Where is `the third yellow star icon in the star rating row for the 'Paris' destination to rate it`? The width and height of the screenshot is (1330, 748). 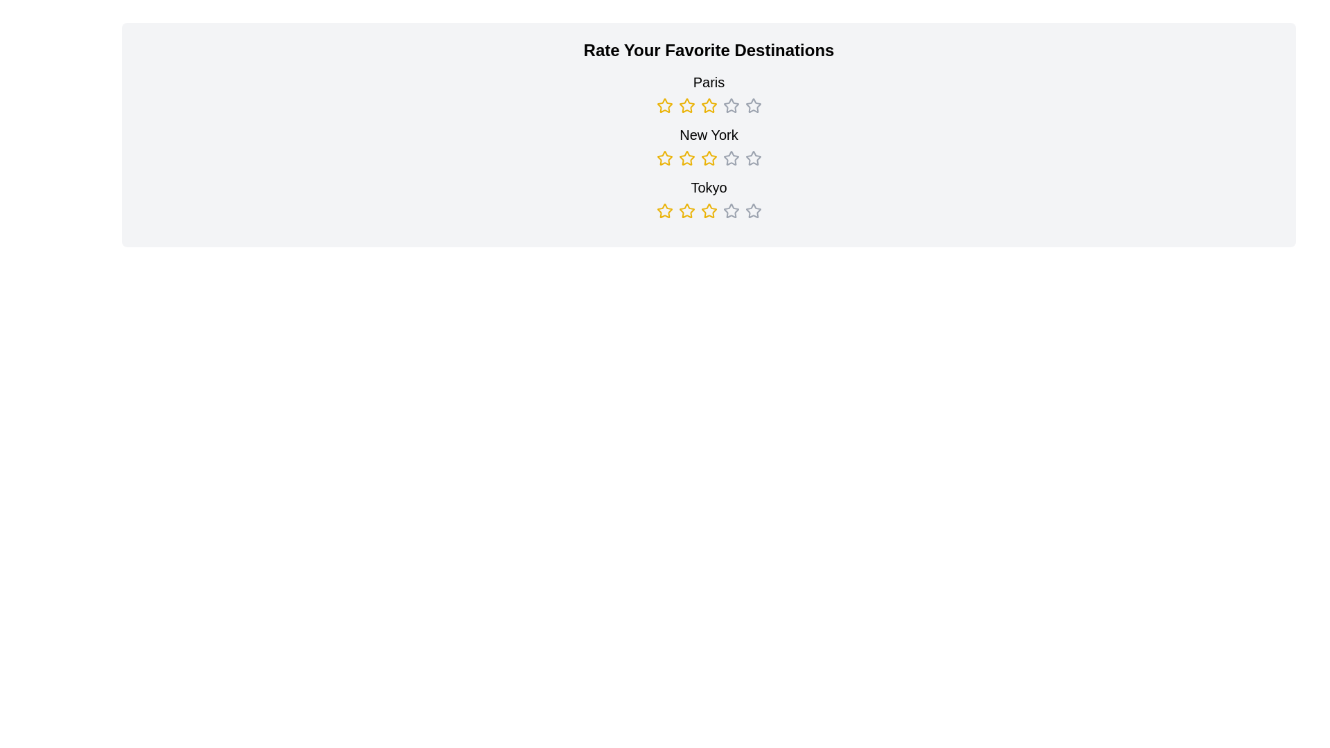
the third yellow star icon in the star rating row for the 'Paris' destination to rate it is located at coordinates (709, 105).